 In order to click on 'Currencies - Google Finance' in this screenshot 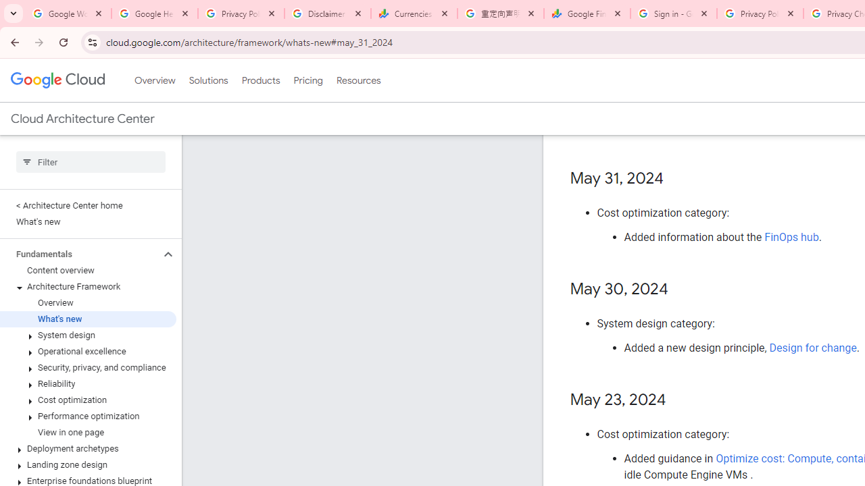, I will do `click(414, 13)`.